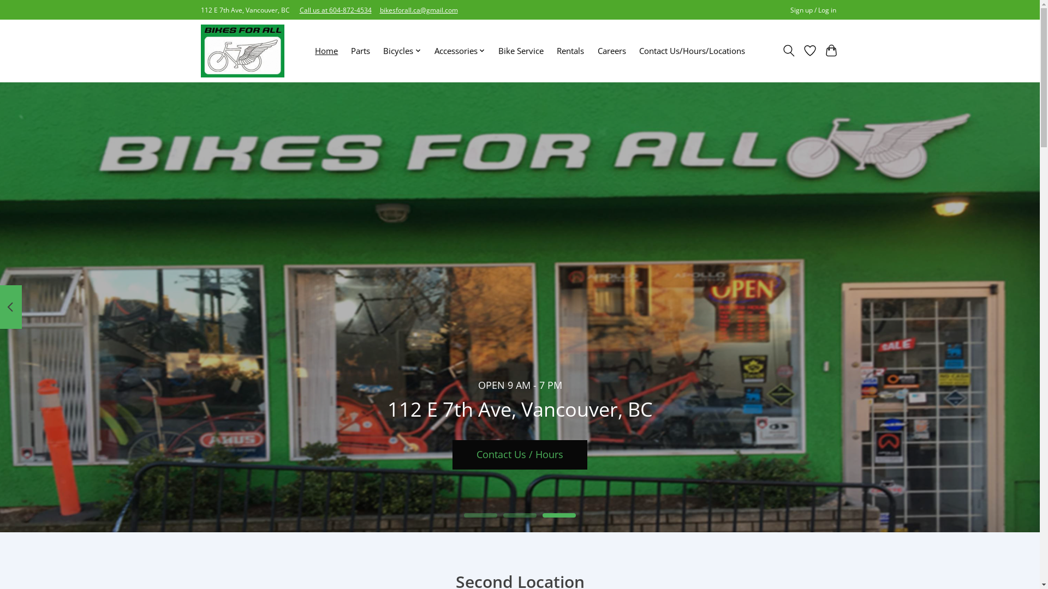 The width and height of the screenshot is (1048, 589). Describe the element at coordinates (813, 10) in the screenshot. I see `'Sign up / Log in'` at that location.